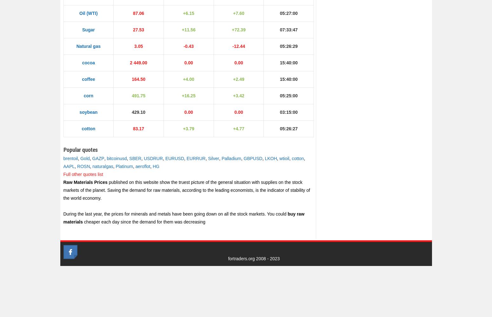  Describe the element at coordinates (279, 158) in the screenshot. I see `'wtioil'` at that location.